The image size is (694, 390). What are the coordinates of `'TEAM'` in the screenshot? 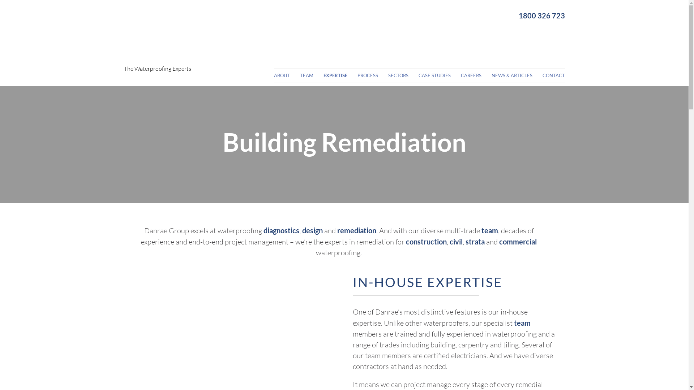 It's located at (311, 75).